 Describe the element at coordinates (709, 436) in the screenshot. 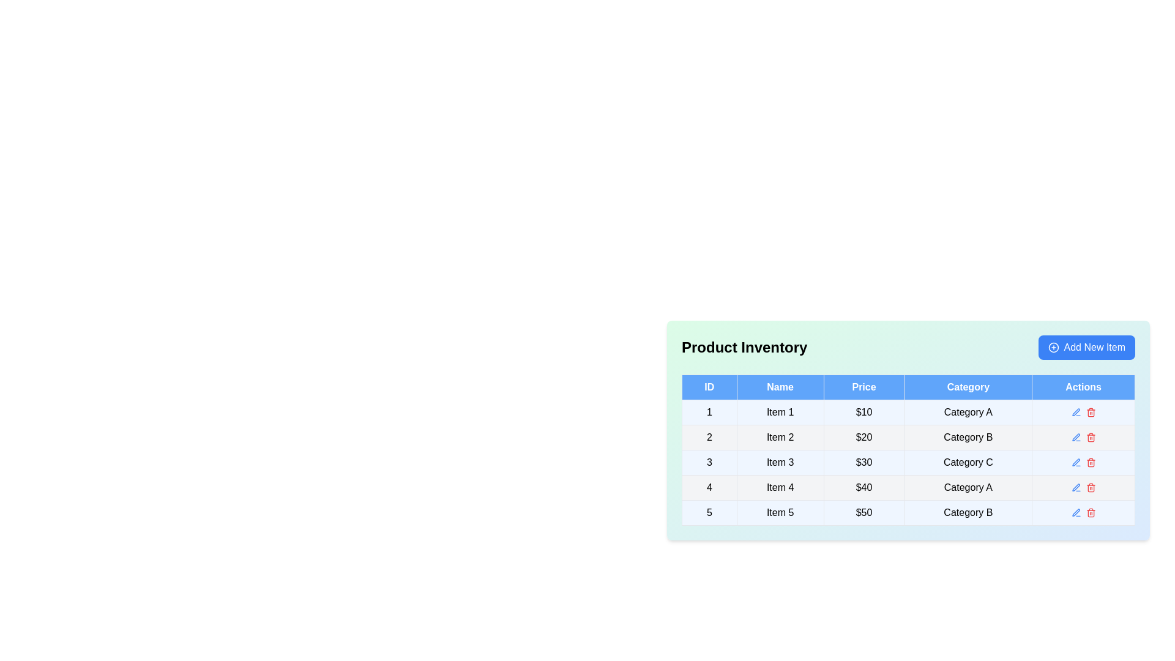

I see `the row containing the cell with the numeric value '2' in the Product Inventory table` at that location.